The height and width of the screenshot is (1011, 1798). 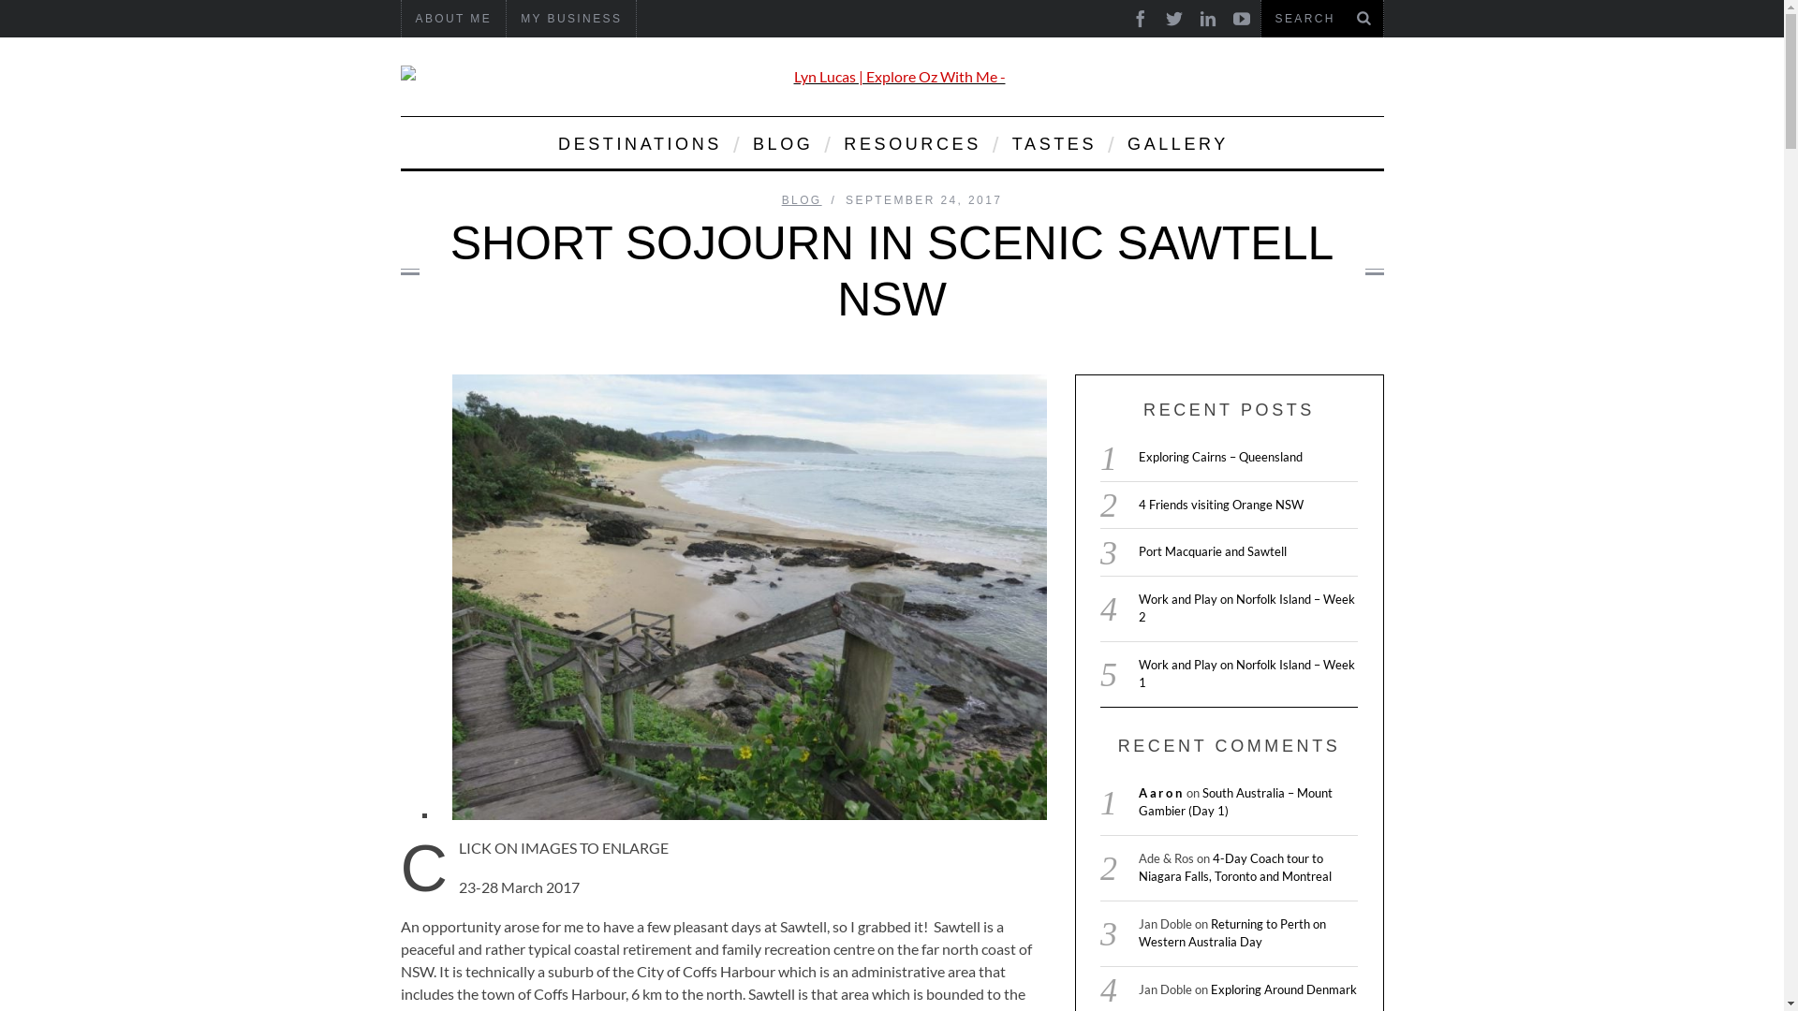 What do you see at coordinates (781, 141) in the screenshot?
I see `'BLOG'` at bounding box center [781, 141].